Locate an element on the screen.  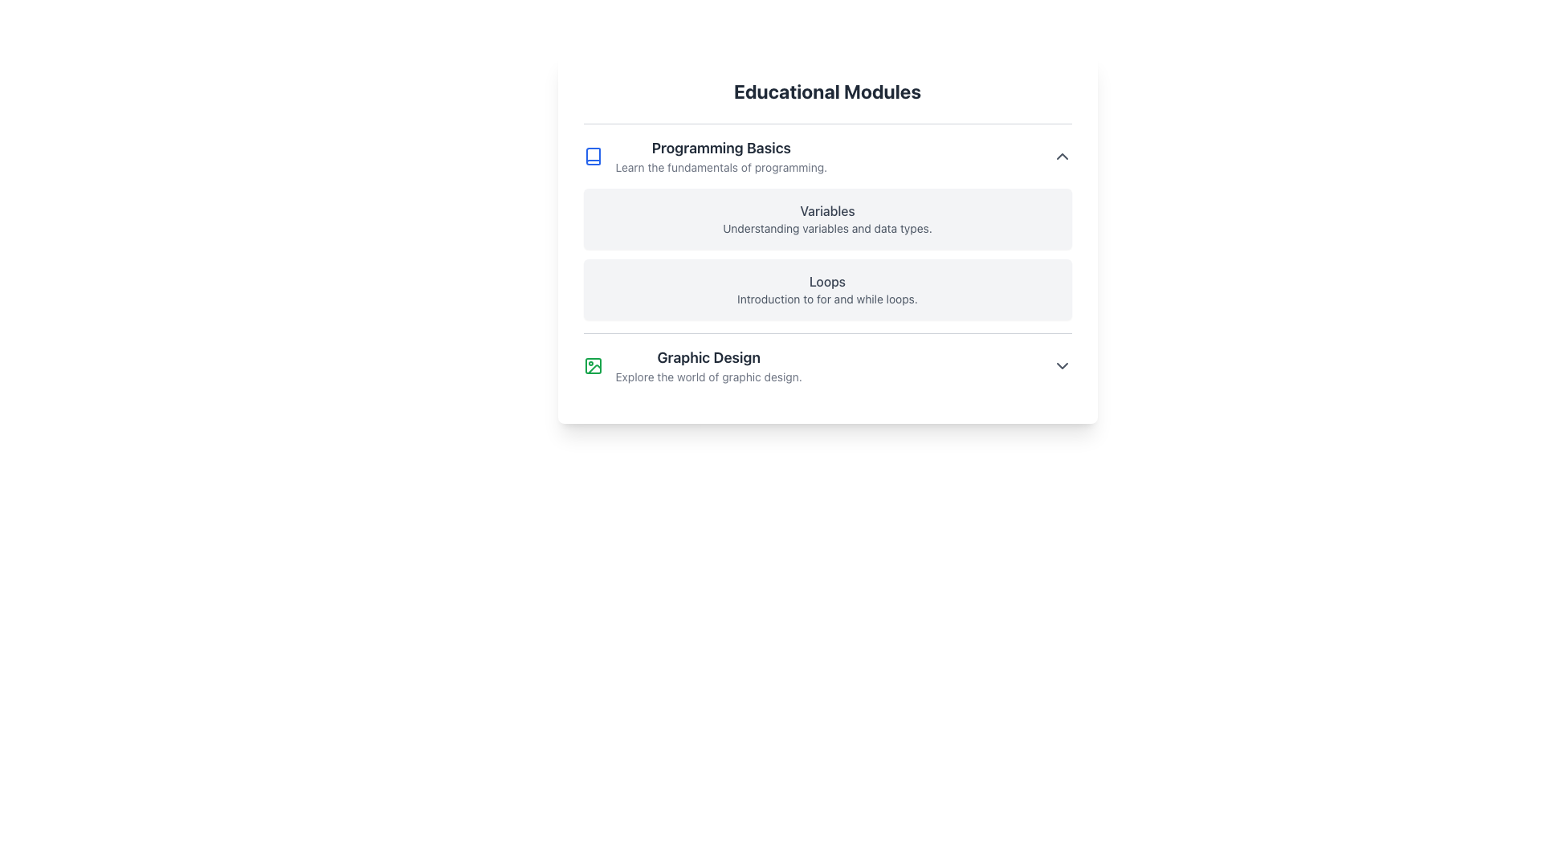
the text label displaying 'Variables', which is located at the top-center of the educational module card with a light gray background is located at coordinates (827, 210).